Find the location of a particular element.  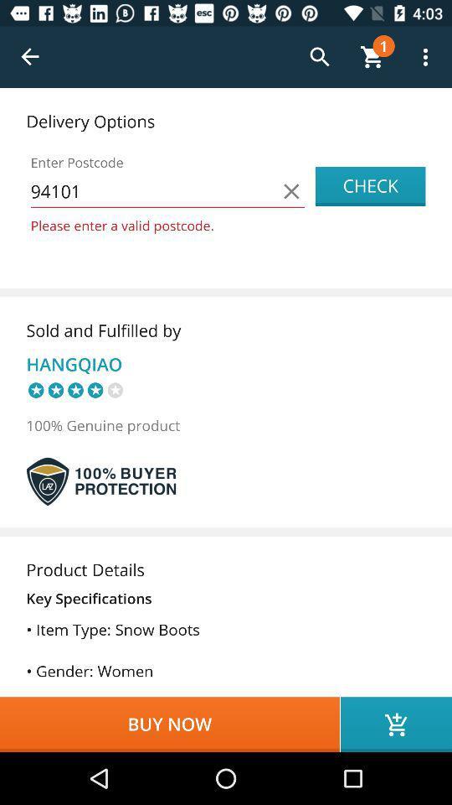

return to previous page is located at coordinates (30, 57).